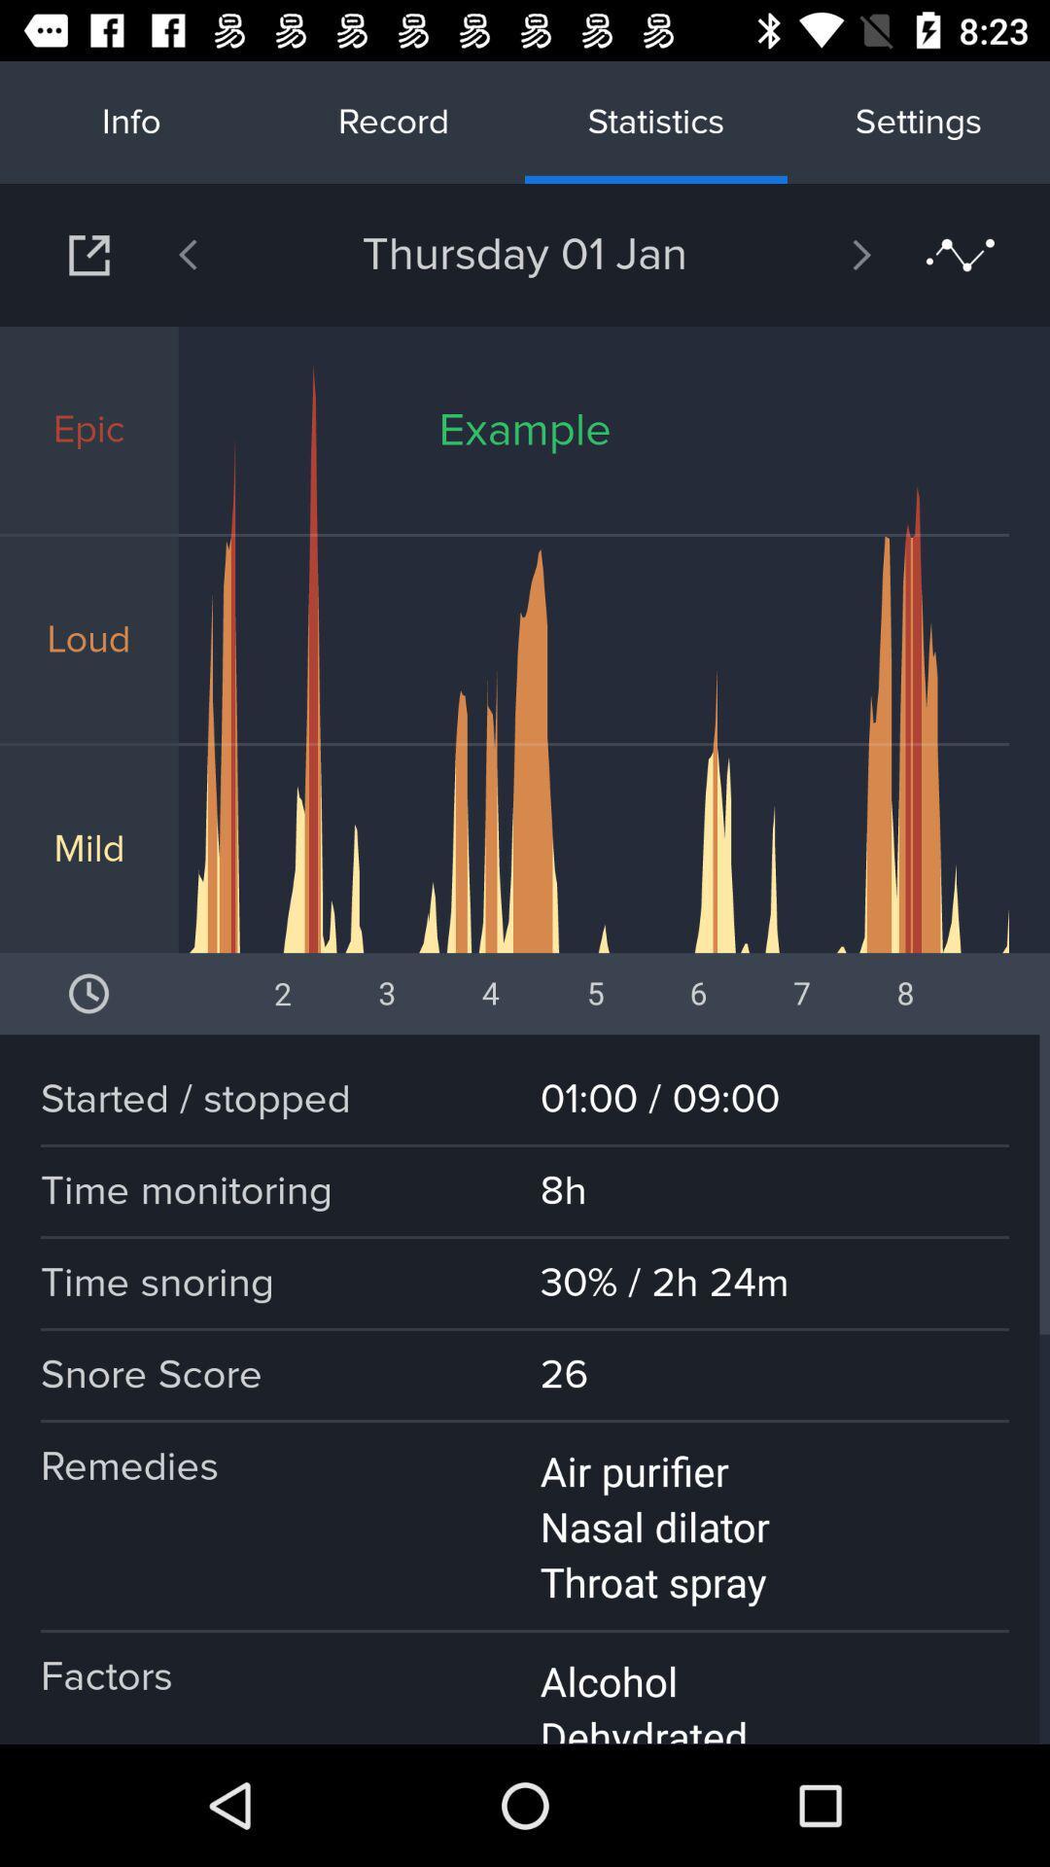  I want to click on icon below the statistics item, so click(811, 254).